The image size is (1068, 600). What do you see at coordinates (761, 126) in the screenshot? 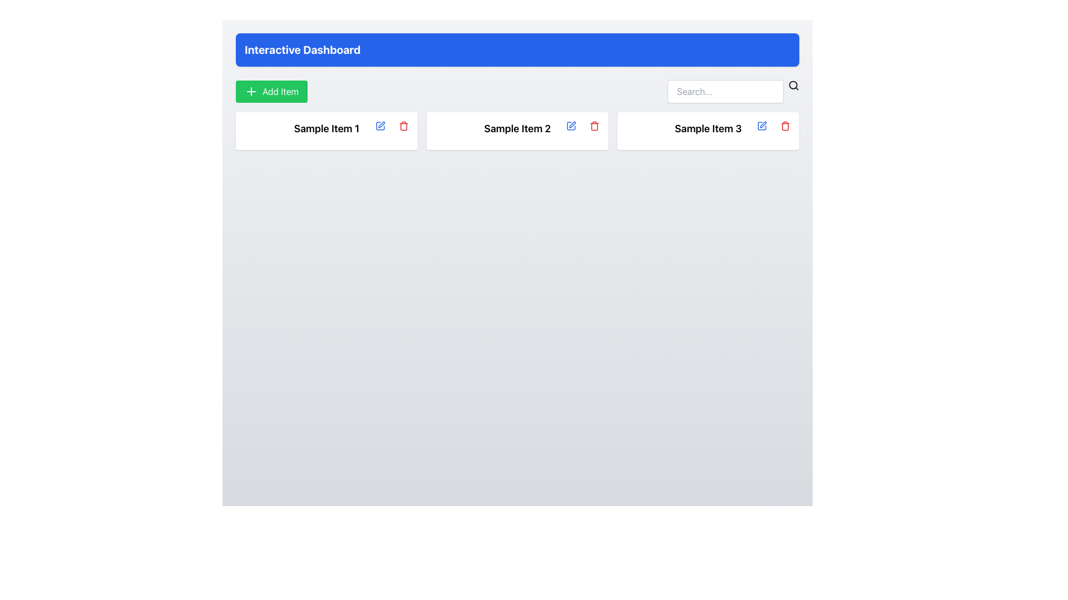
I see `the blue square icon button with a pen glyph located at the right of 'Sample Item 3' card to trigger the dimming hover effect` at bounding box center [761, 126].